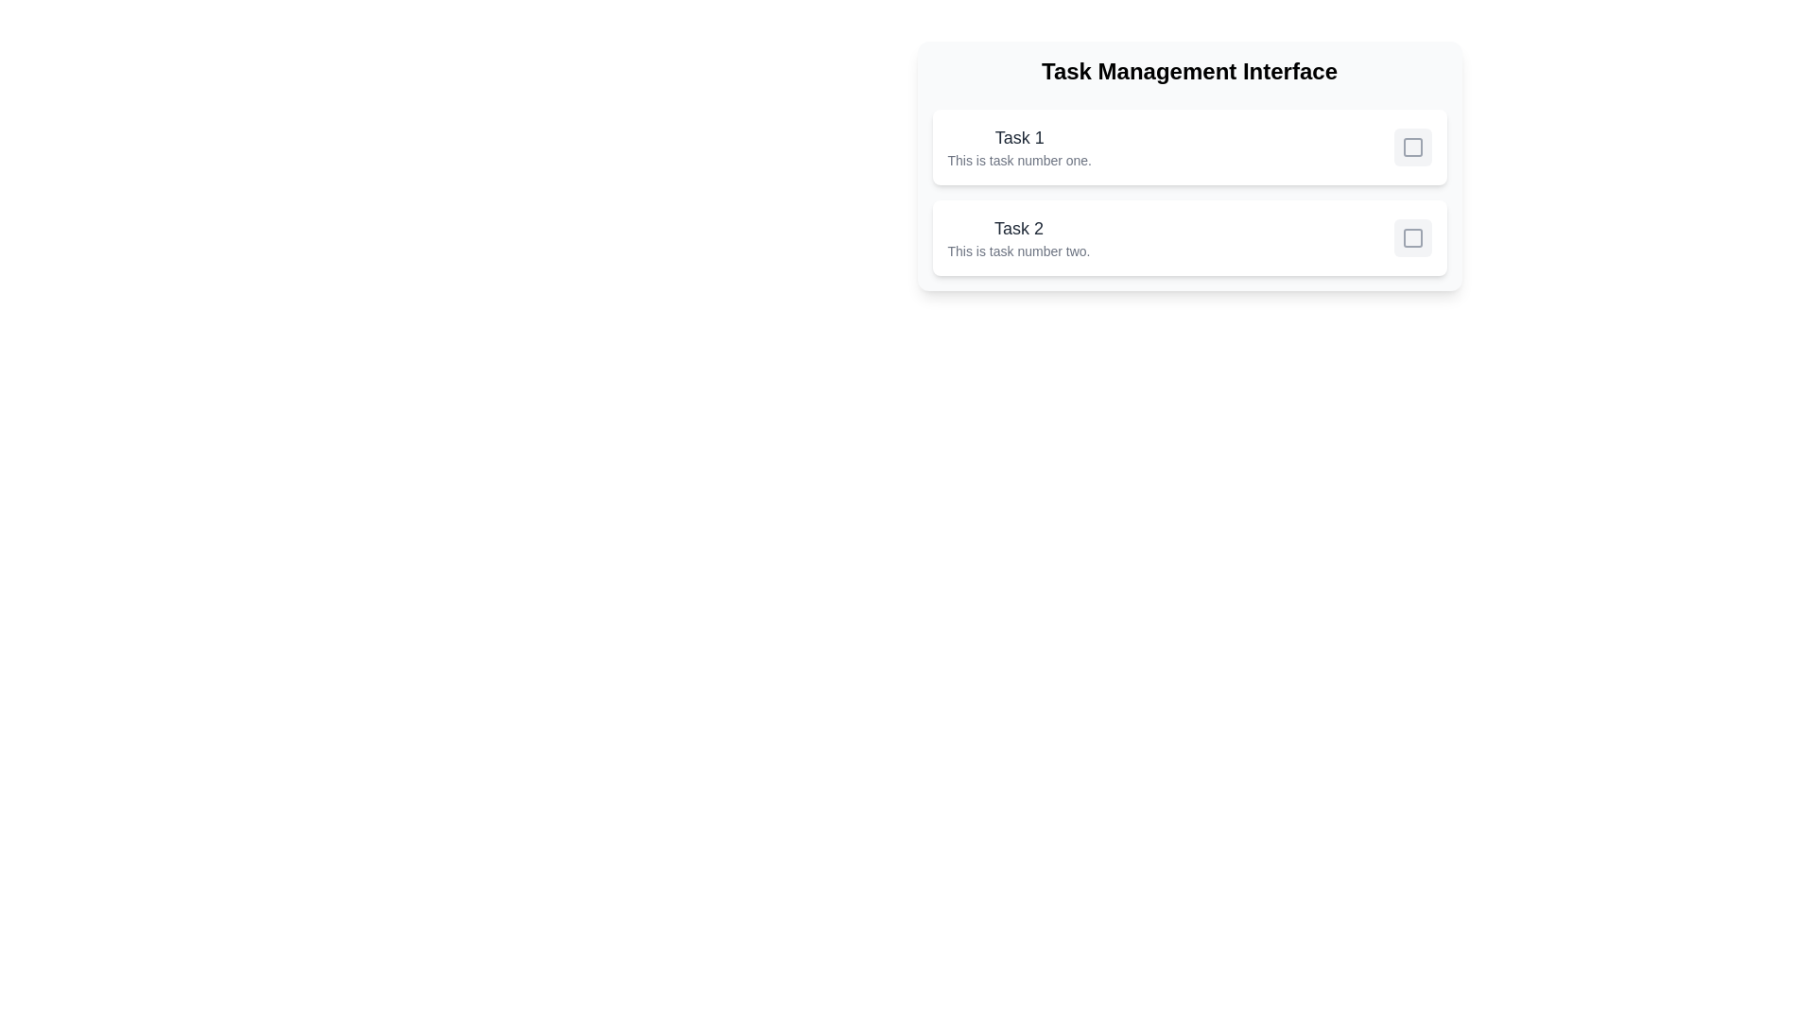 The height and width of the screenshot is (1021, 1815). Describe the element at coordinates (1018, 137) in the screenshot. I see `the 'Task 1' text label, which serves as the title for a task item in the task management interface` at that location.